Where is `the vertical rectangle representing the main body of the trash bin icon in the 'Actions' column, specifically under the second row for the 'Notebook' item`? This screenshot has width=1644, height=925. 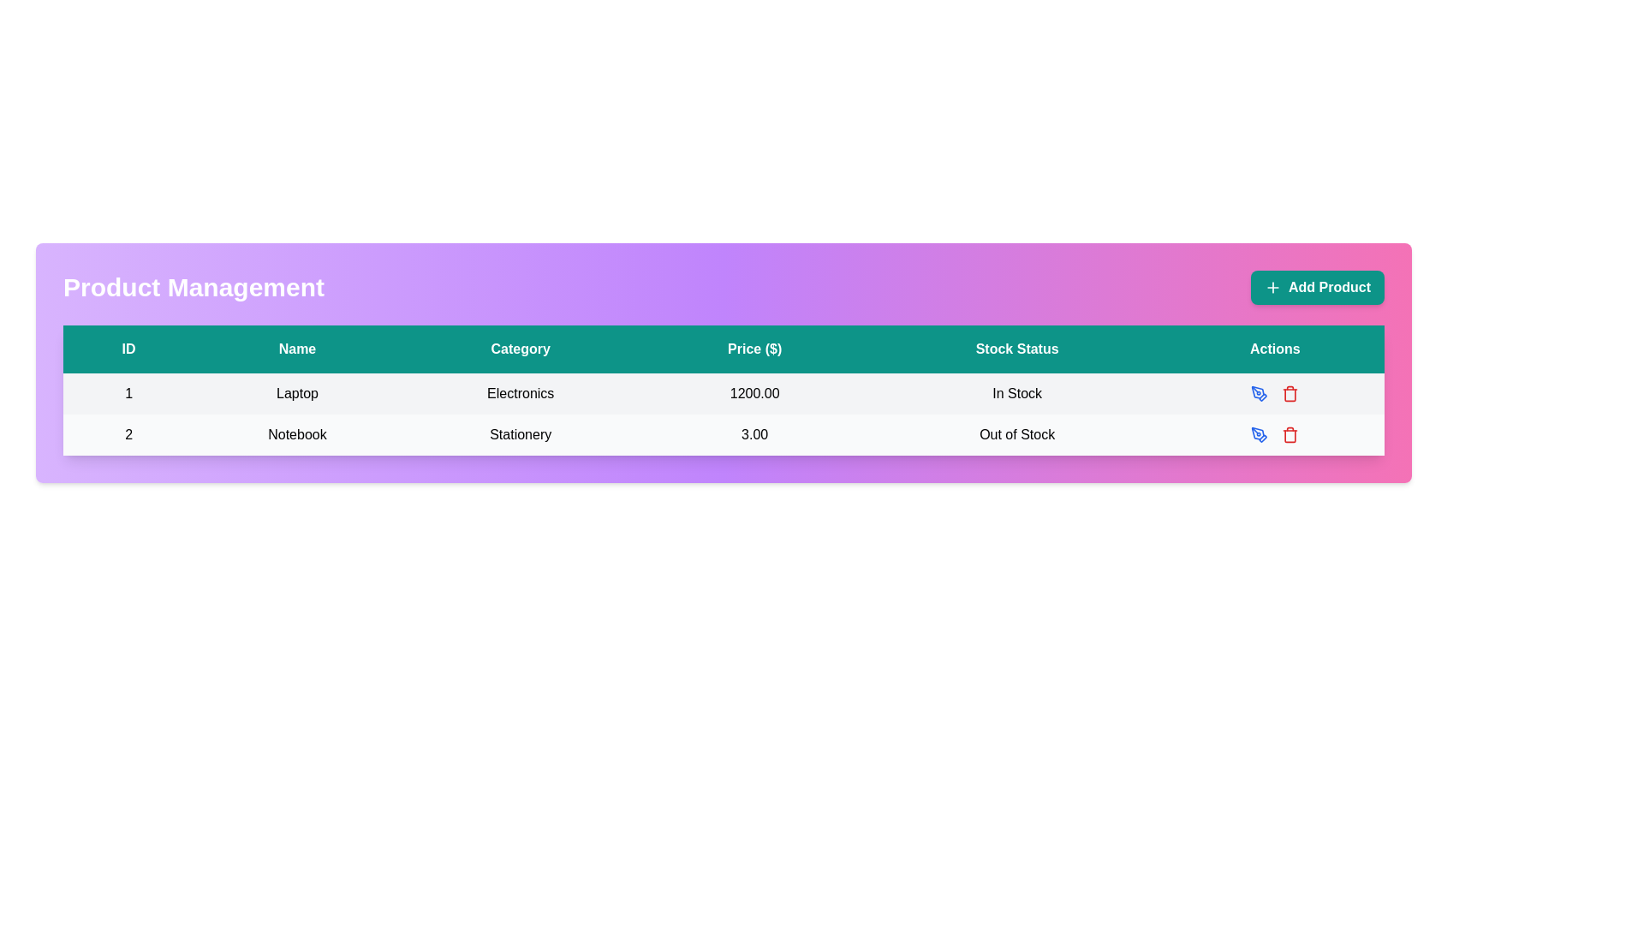 the vertical rectangle representing the main body of the trash bin icon in the 'Actions' column, specifically under the second row for the 'Notebook' item is located at coordinates (1290, 395).